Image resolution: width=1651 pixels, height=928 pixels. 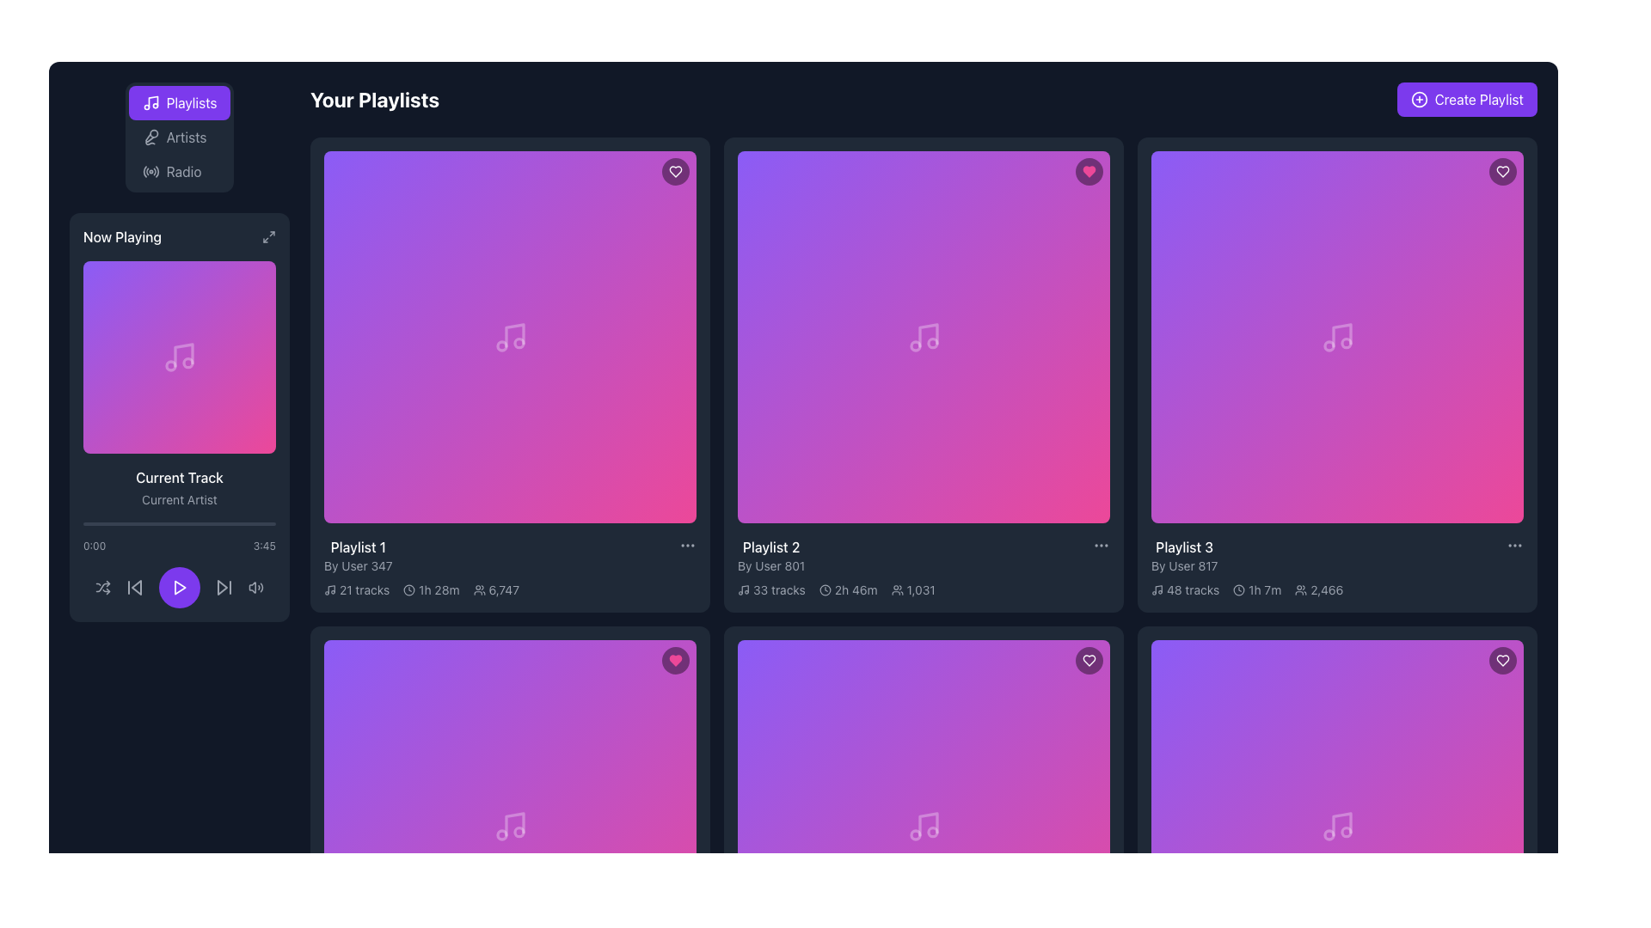 I want to click on text label that indicates the count of audio tracks in the associated playlist, located under the first playlist card in the top-left section of the grid area, so click(x=356, y=589).